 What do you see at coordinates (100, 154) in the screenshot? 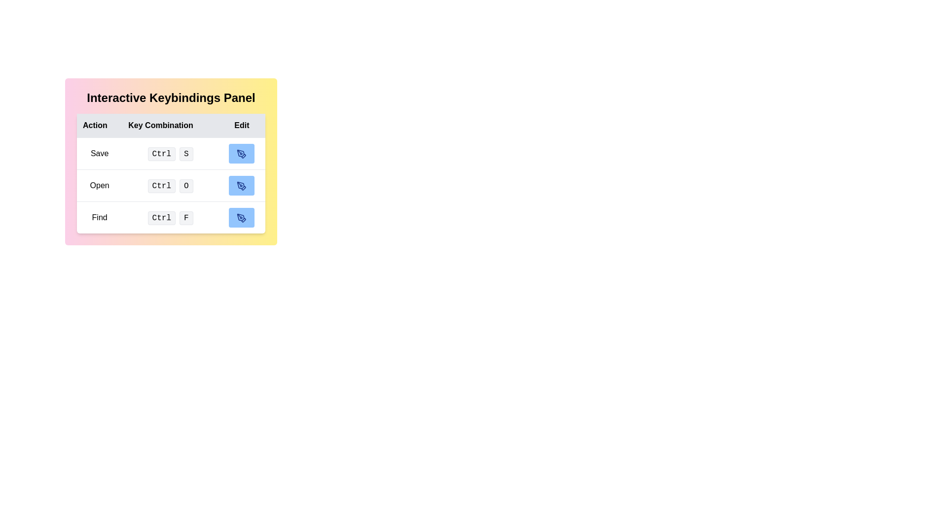
I see `the 'Save' keybinding text label in the interactive keybinding panel, located in the leftmost column of the row labeled 'Action'` at bounding box center [100, 154].